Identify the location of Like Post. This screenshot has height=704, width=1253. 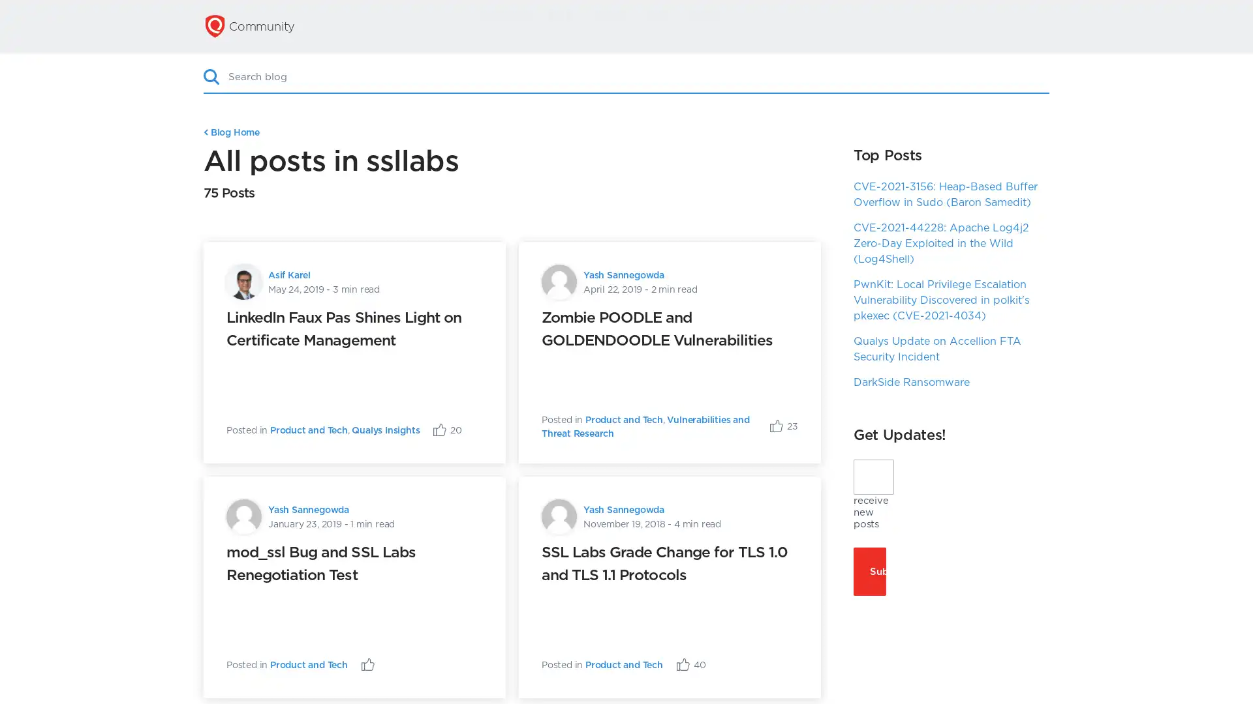
(682, 664).